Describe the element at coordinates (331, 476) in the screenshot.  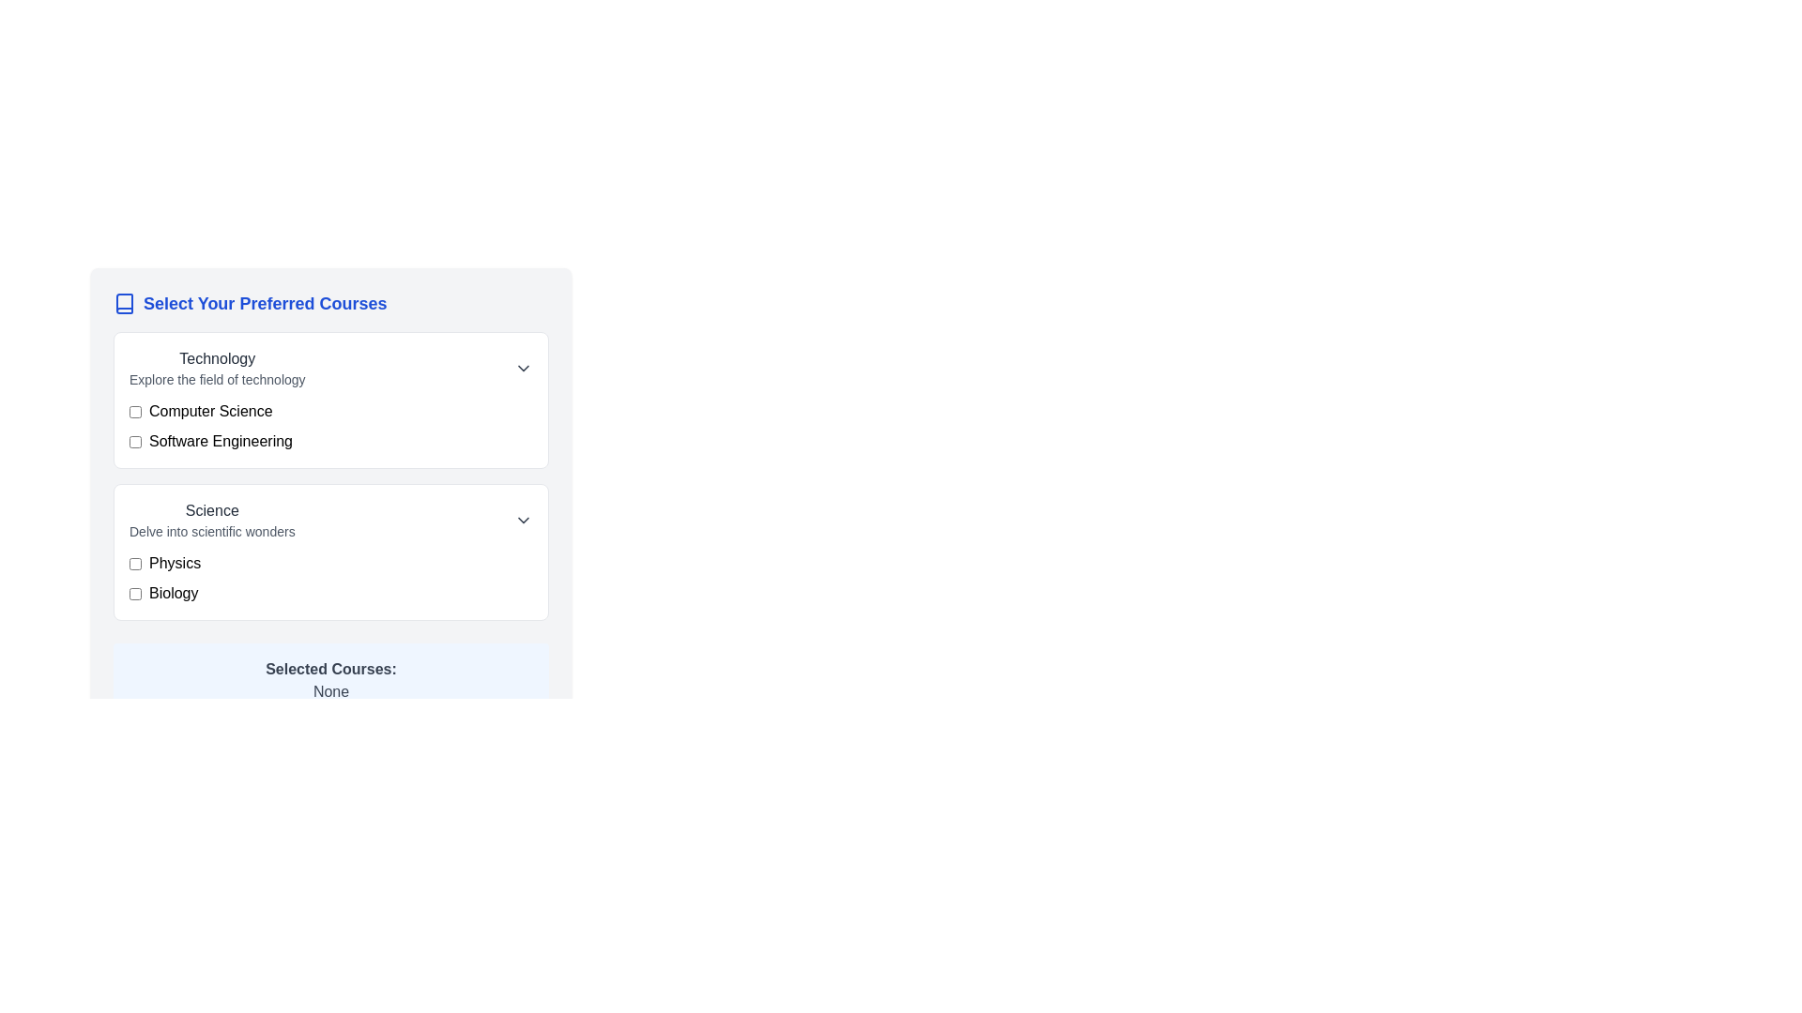
I see `the Divider element located in the 'Select Your Preferred Courses' section, which separates the 'Technology' and 'Science' courses` at that location.